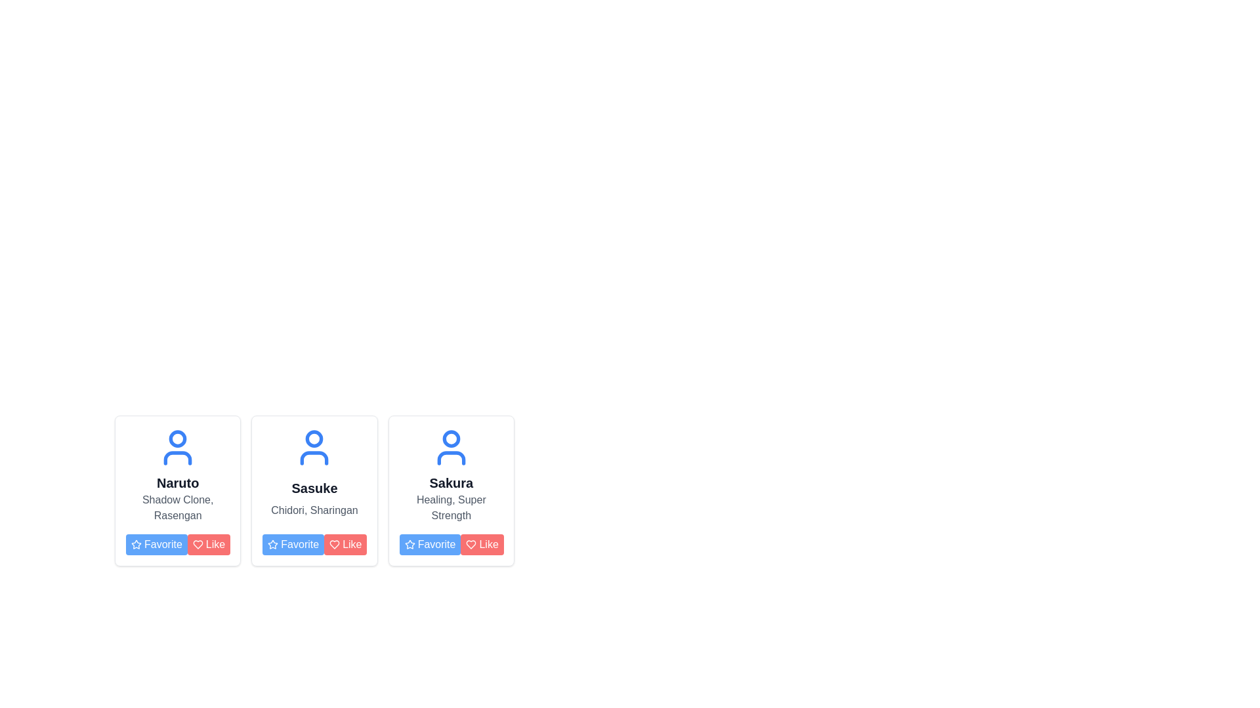 This screenshot has width=1260, height=708. I want to click on the circular profile picture element located at the top of the leftmost user card in the displayed row of user profiles, so click(177, 439).